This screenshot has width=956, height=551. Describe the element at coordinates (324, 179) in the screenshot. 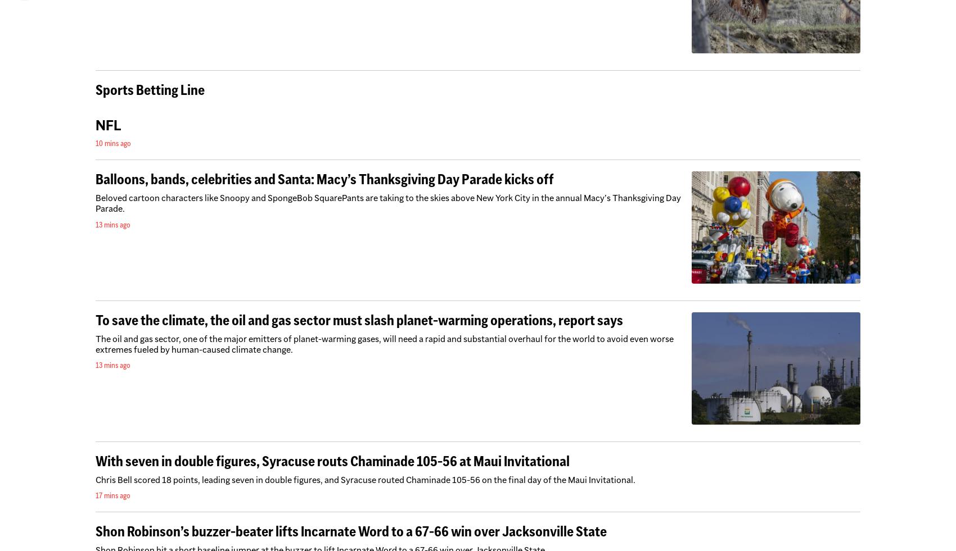

I see `'Balloons, bands, celebrities and Santa: Macy’s Thanksgiving Day Parade kicks off'` at that location.